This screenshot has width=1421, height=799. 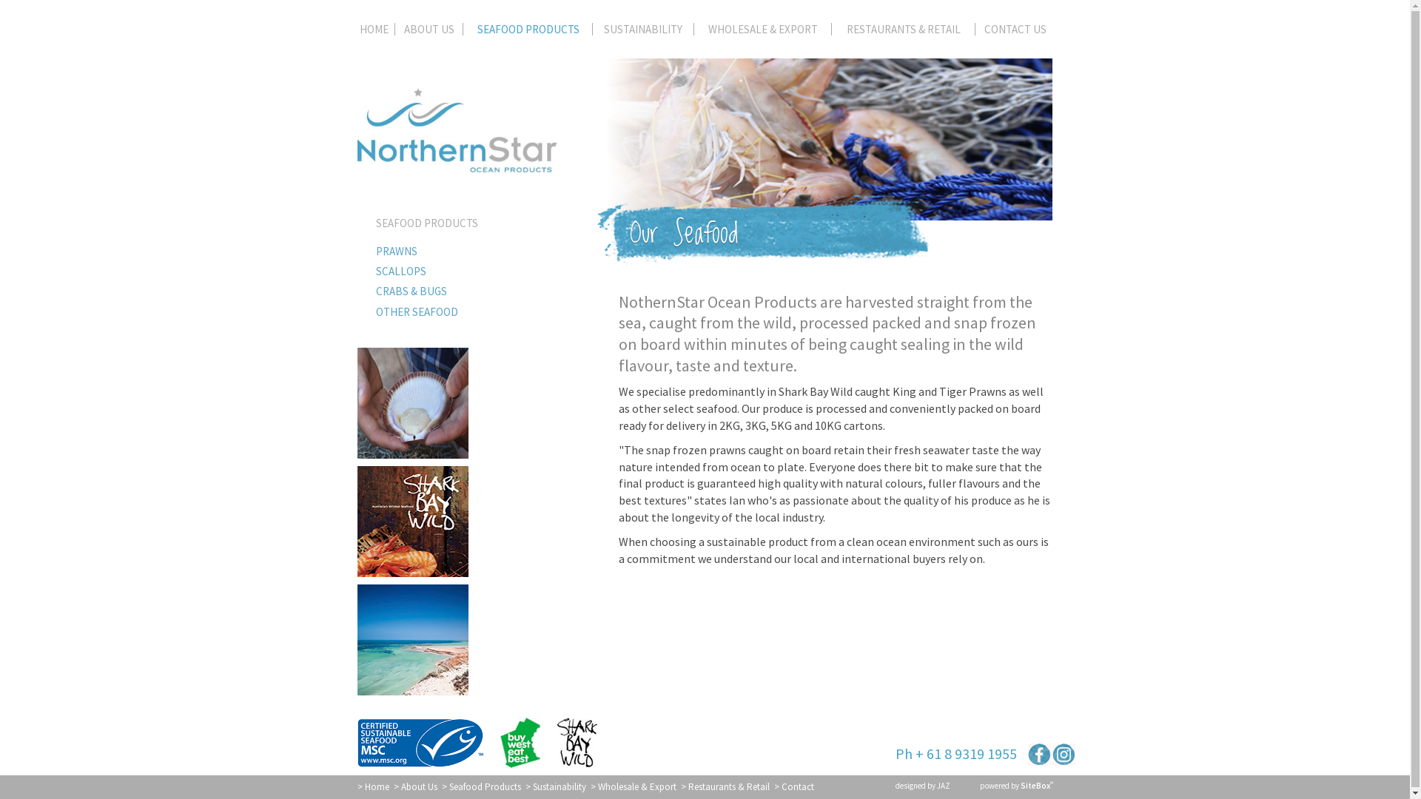 What do you see at coordinates (922, 784) in the screenshot?
I see `'designed by JAZ'` at bounding box center [922, 784].